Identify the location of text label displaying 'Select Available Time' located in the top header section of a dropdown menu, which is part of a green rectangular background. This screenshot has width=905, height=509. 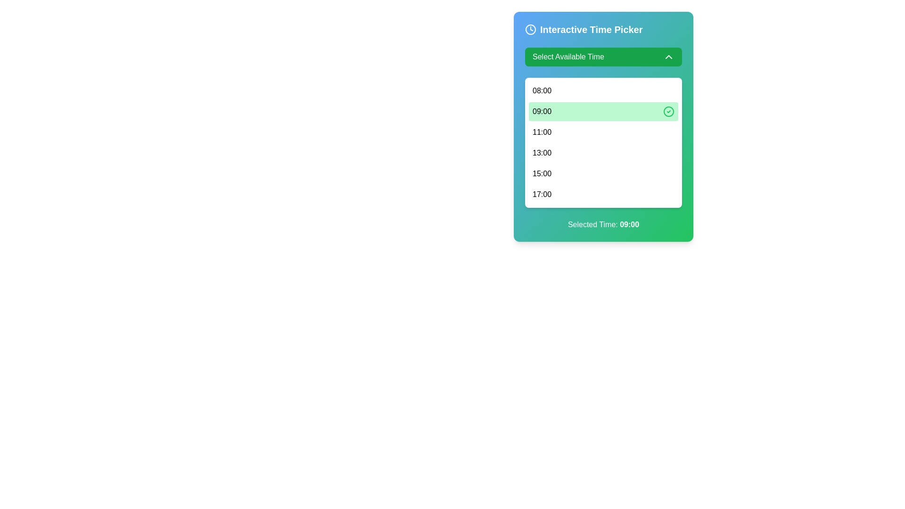
(568, 57).